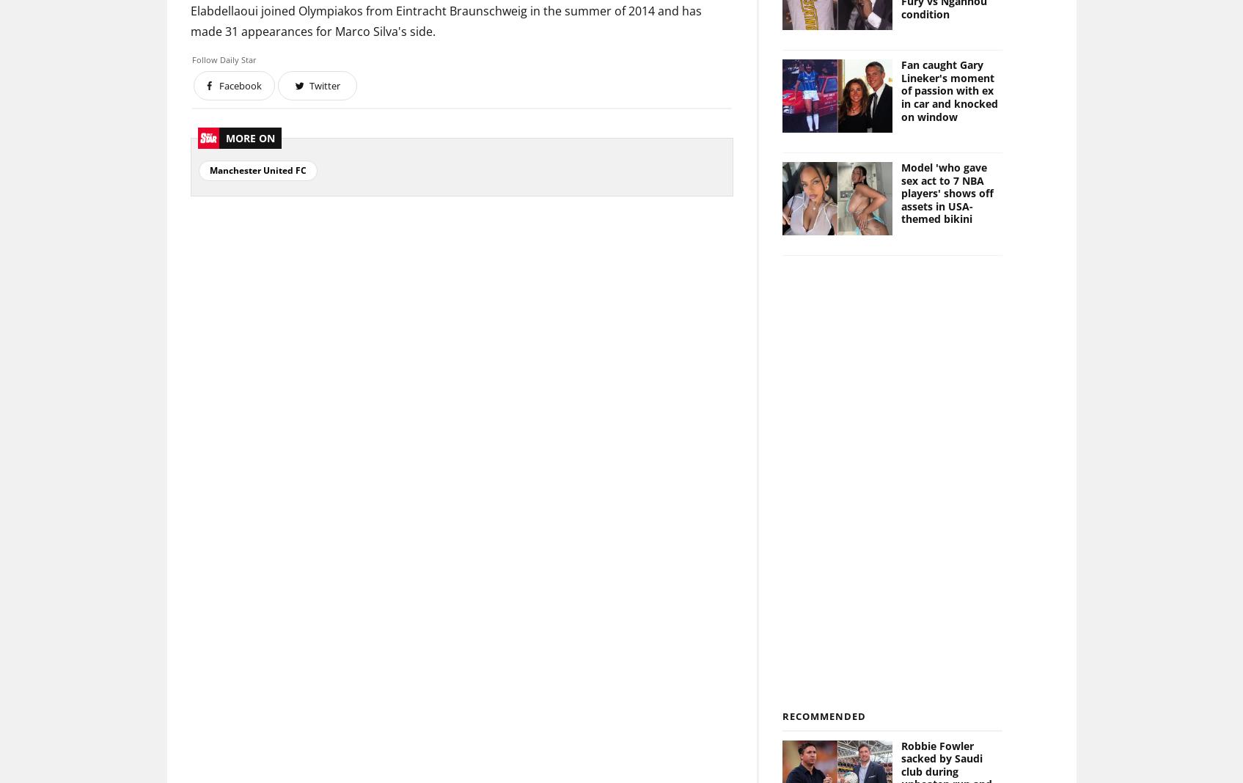 The width and height of the screenshot is (1243, 783). What do you see at coordinates (444, 20) in the screenshot?
I see `'Elabdellaoui joined Olympiakos from Eintracht Braunschweig in the summer of 2014 and has made 31 appearances for Marco Silva's side.'` at bounding box center [444, 20].